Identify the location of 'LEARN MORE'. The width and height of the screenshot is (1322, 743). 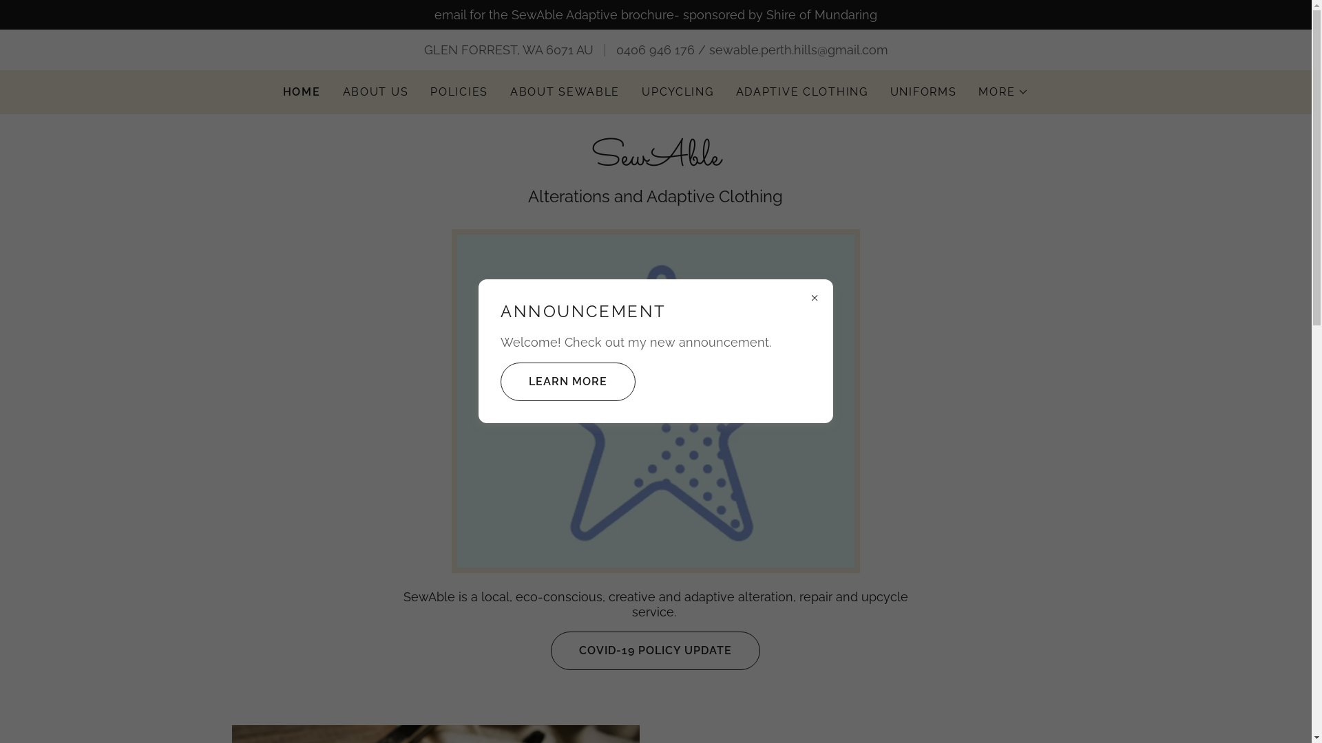
(568, 381).